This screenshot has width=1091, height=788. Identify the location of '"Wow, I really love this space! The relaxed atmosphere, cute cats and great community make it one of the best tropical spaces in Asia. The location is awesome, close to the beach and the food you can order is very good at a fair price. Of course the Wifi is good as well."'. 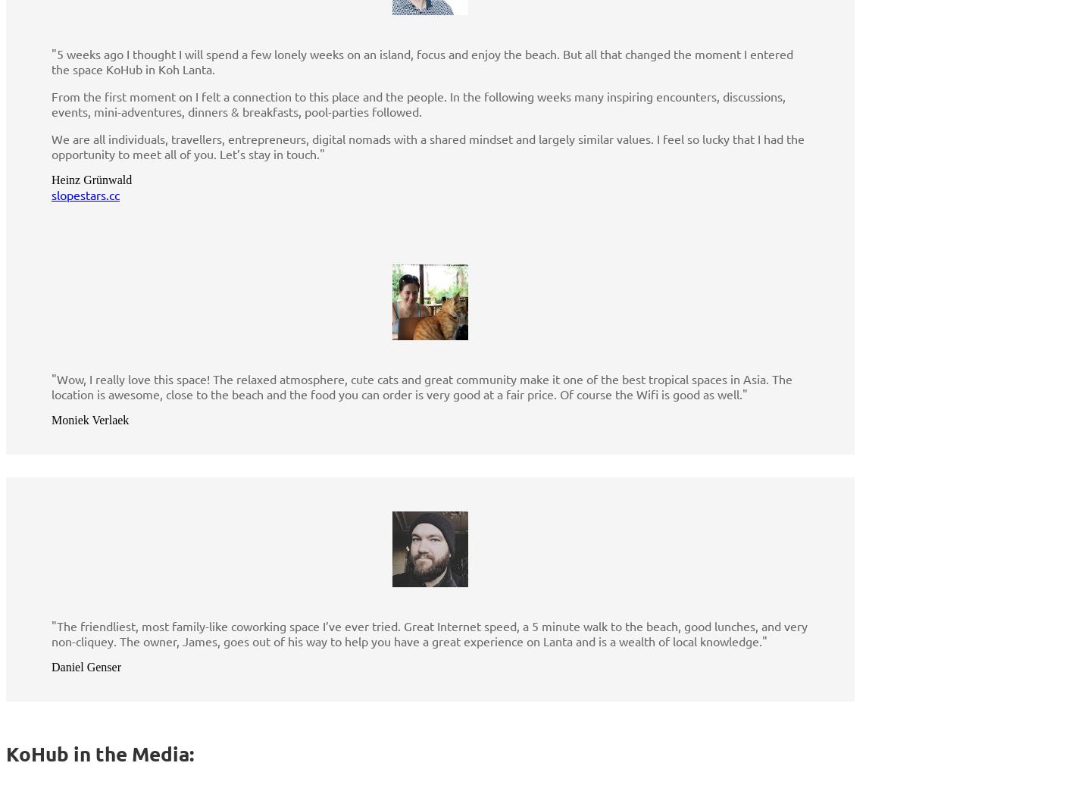
(421, 386).